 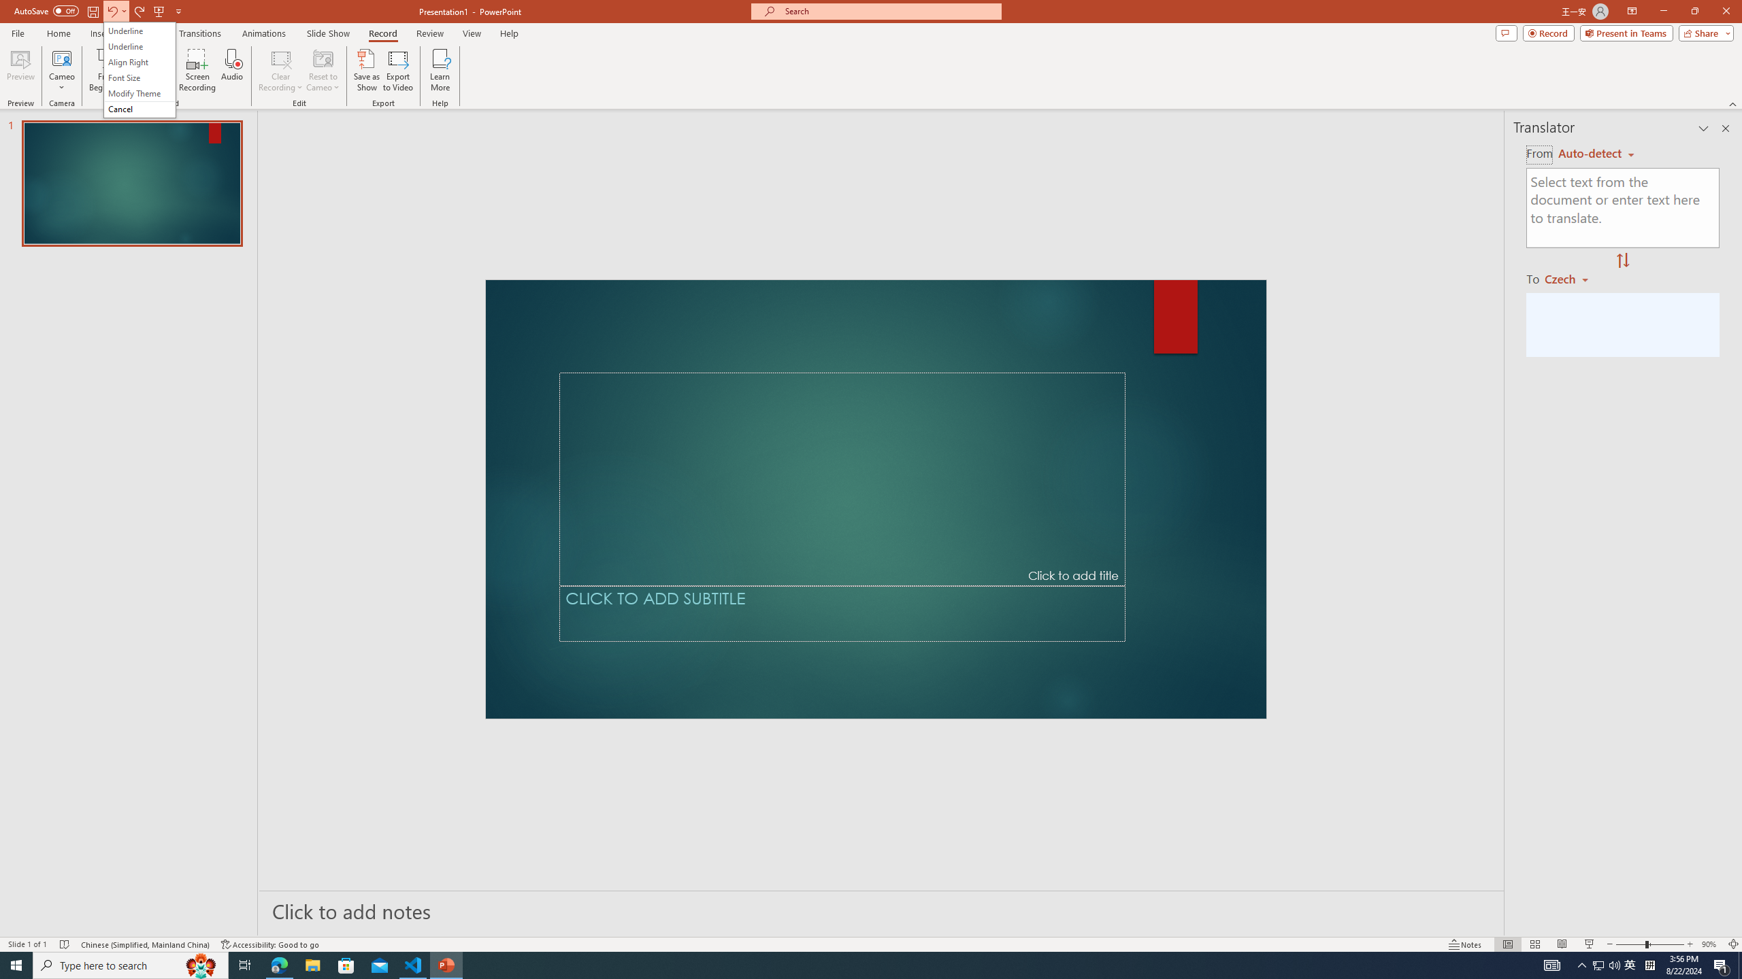 What do you see at coordinates (197, 70) in the screenshot?
I see `'Screen Recording'` at bounding box center [197, 70].